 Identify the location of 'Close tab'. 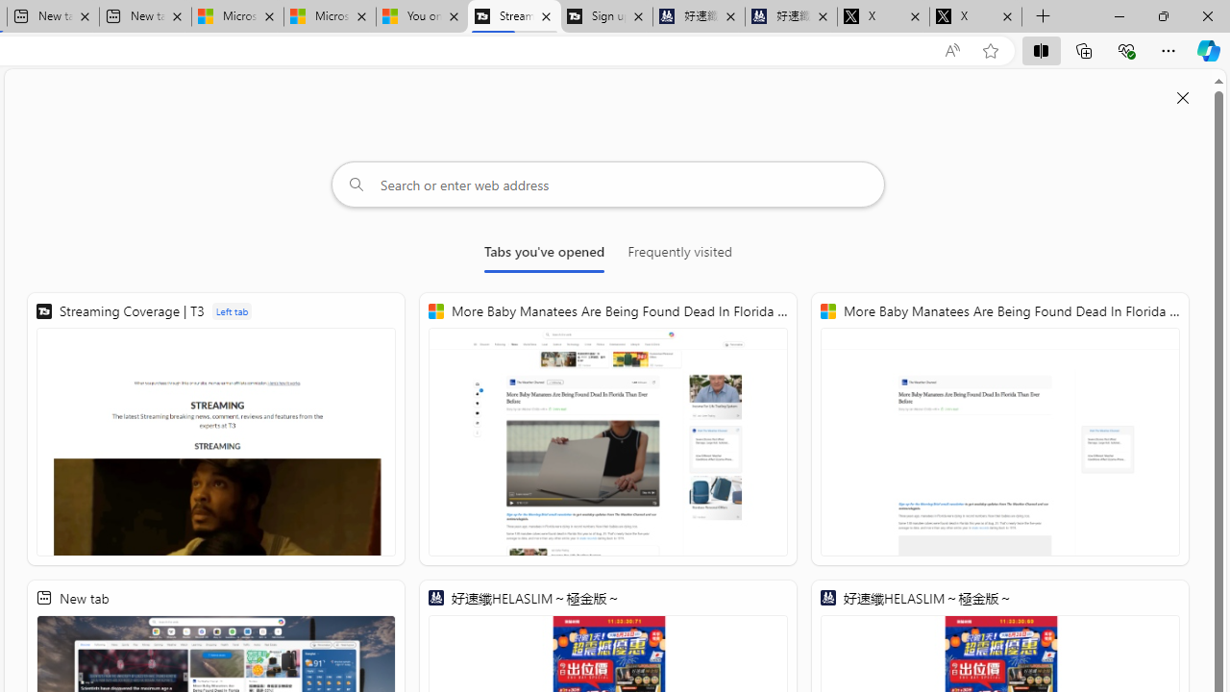
(1006, 16).